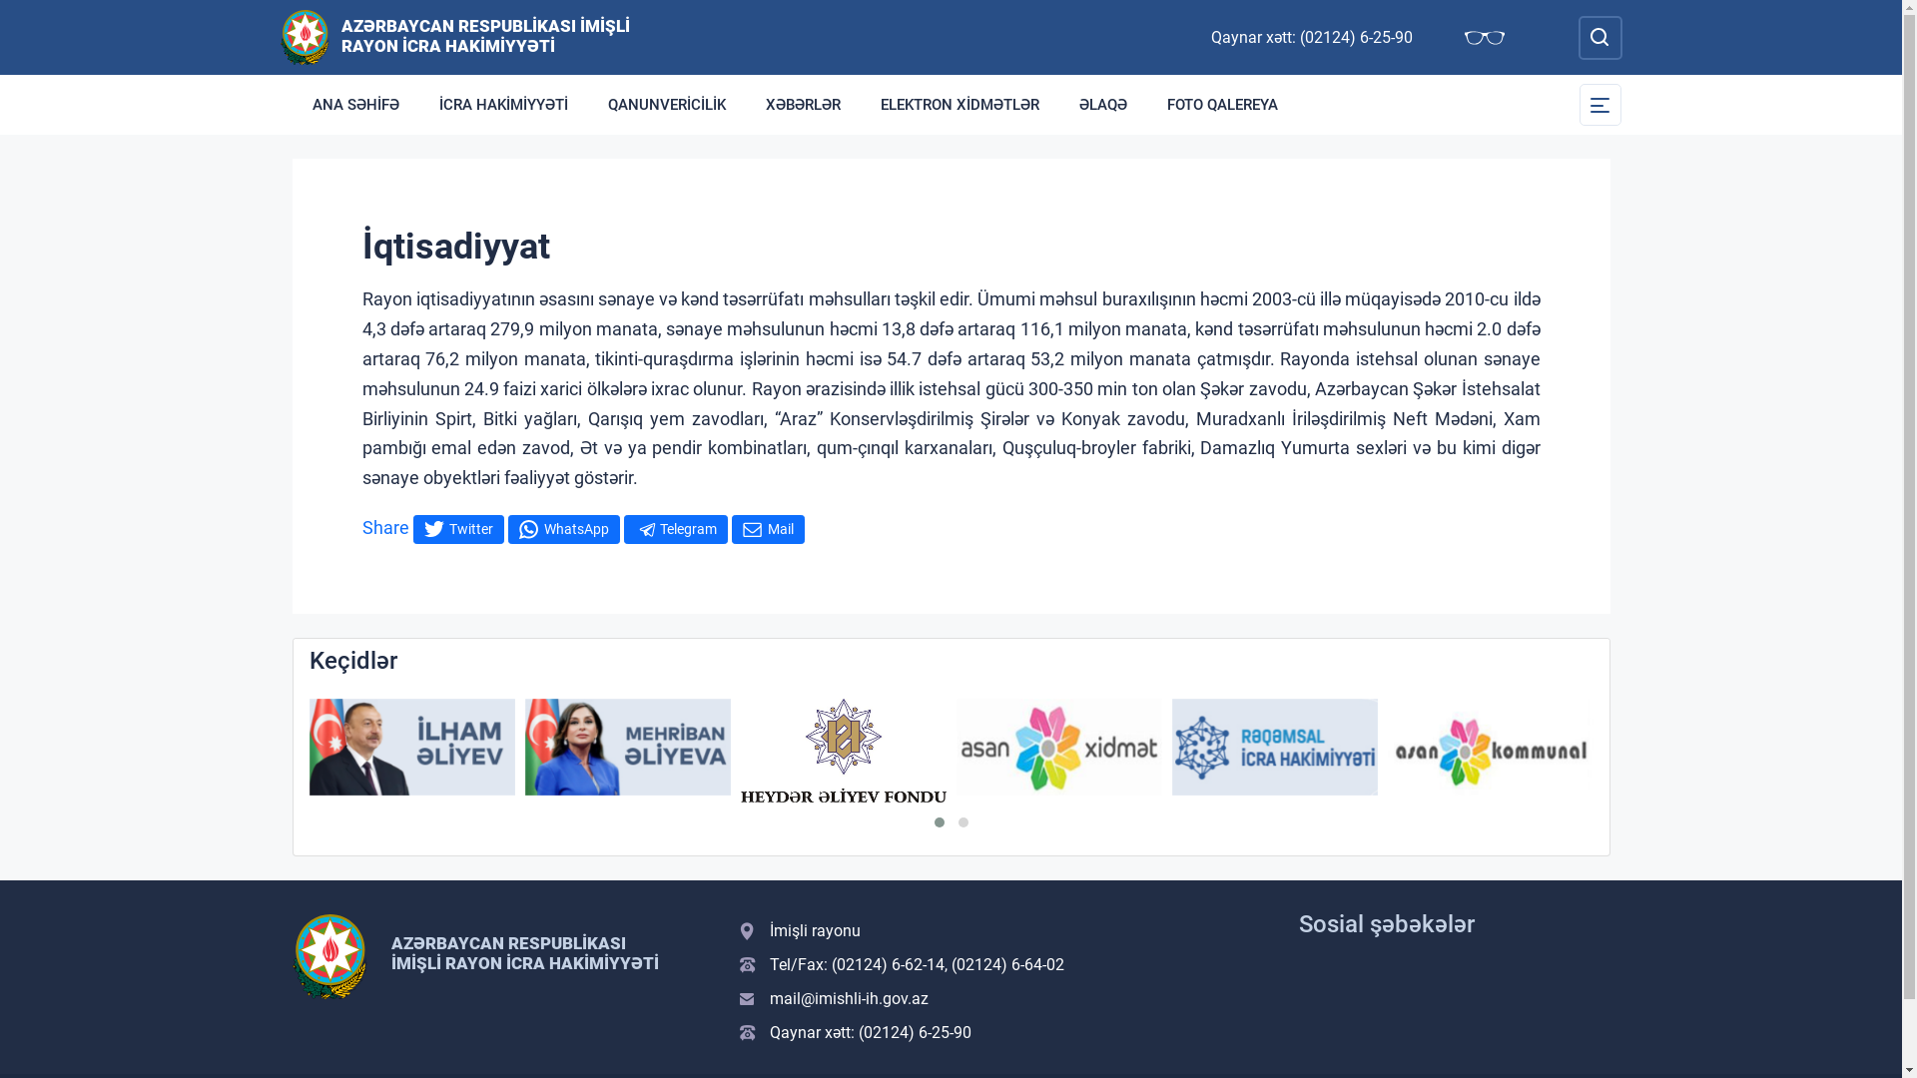 Image resolution: width=1917 pixels, height=1078 pixels. What do you see at coordinates (1490, 747) in the screenshot?
I see `'Asan komunal'` at bounding box center [1490, 747].